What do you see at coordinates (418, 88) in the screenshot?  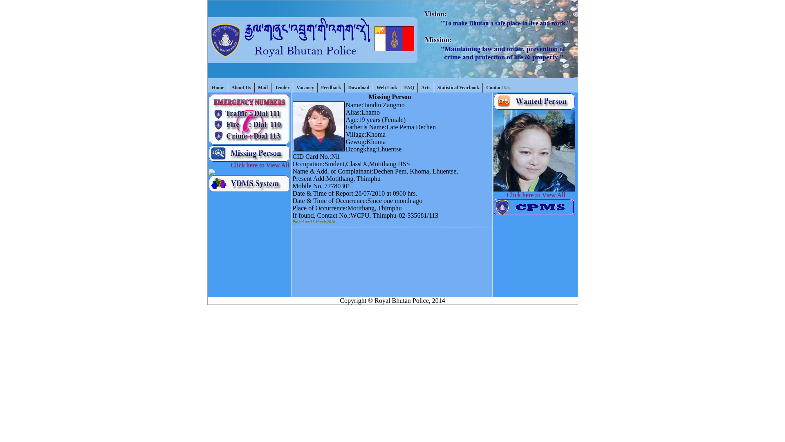 I see `'Acts'` at bounding box center [418, 88].